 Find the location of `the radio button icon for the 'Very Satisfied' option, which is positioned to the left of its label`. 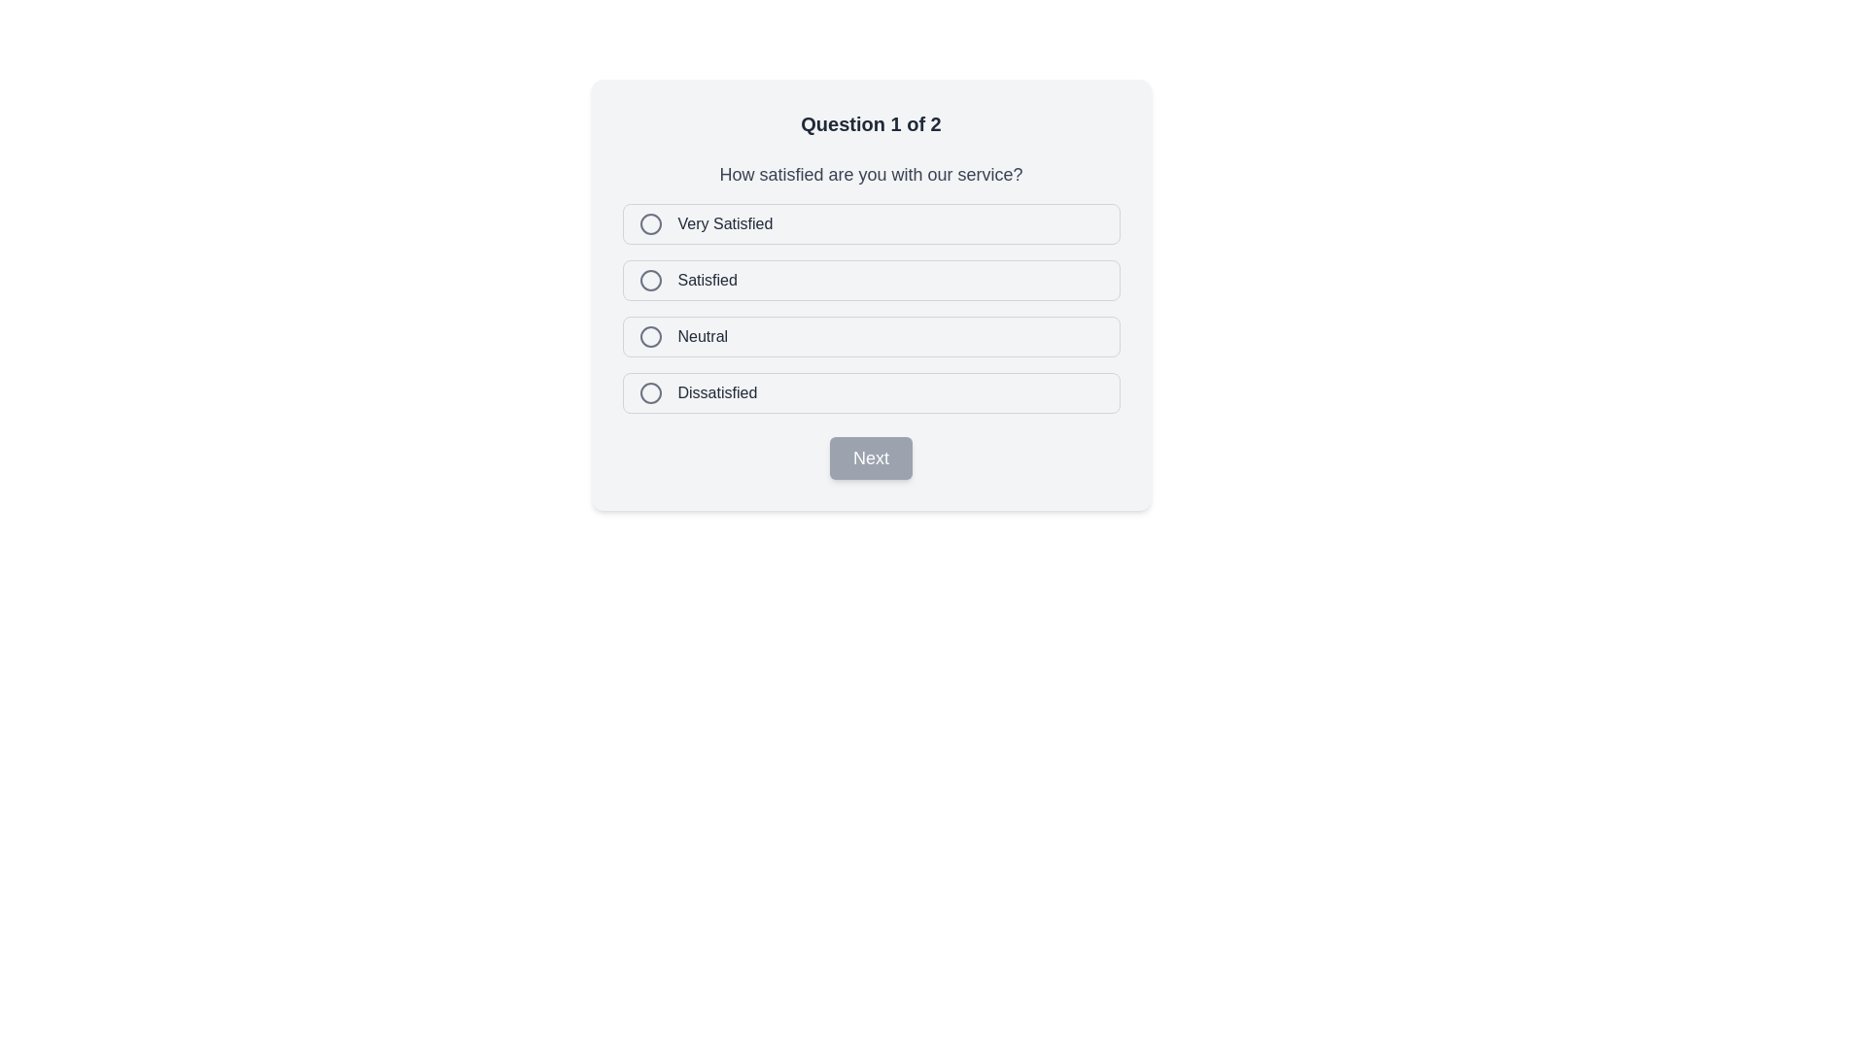

the radio button icon for the 'Very Satisfied' option, which is positioned to the left of its label is located at coordinates (650, 223).